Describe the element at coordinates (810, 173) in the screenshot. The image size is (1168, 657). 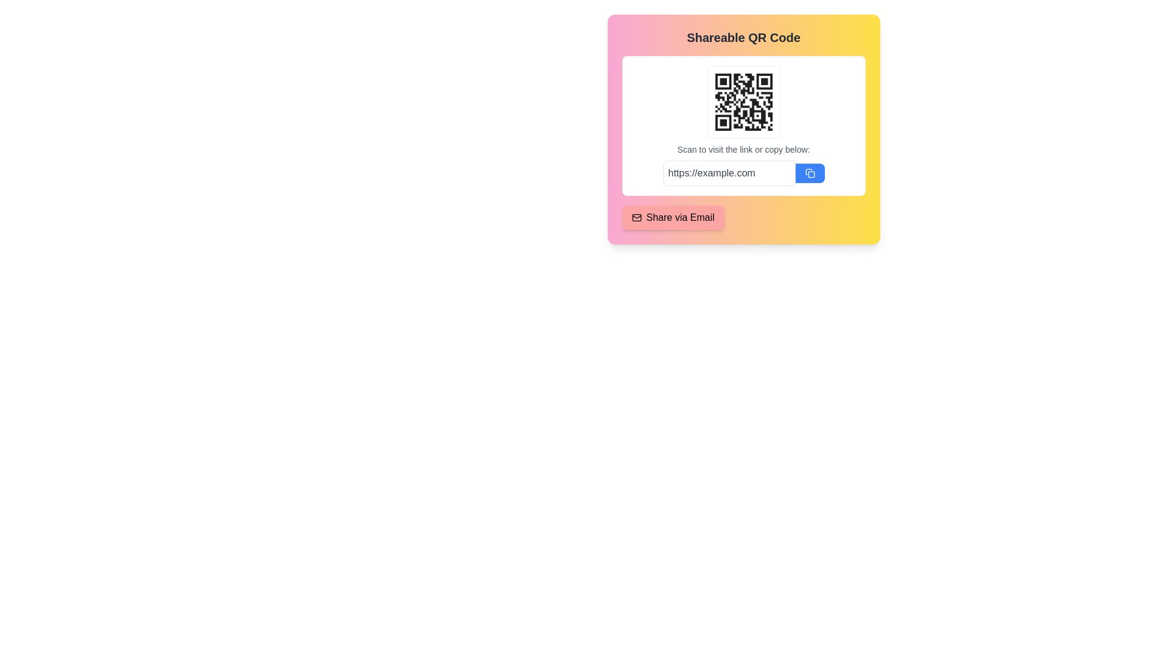
I see `the 'copy' icon/button located to the right of the URL input field below the QR code to copy the URL` at that location.